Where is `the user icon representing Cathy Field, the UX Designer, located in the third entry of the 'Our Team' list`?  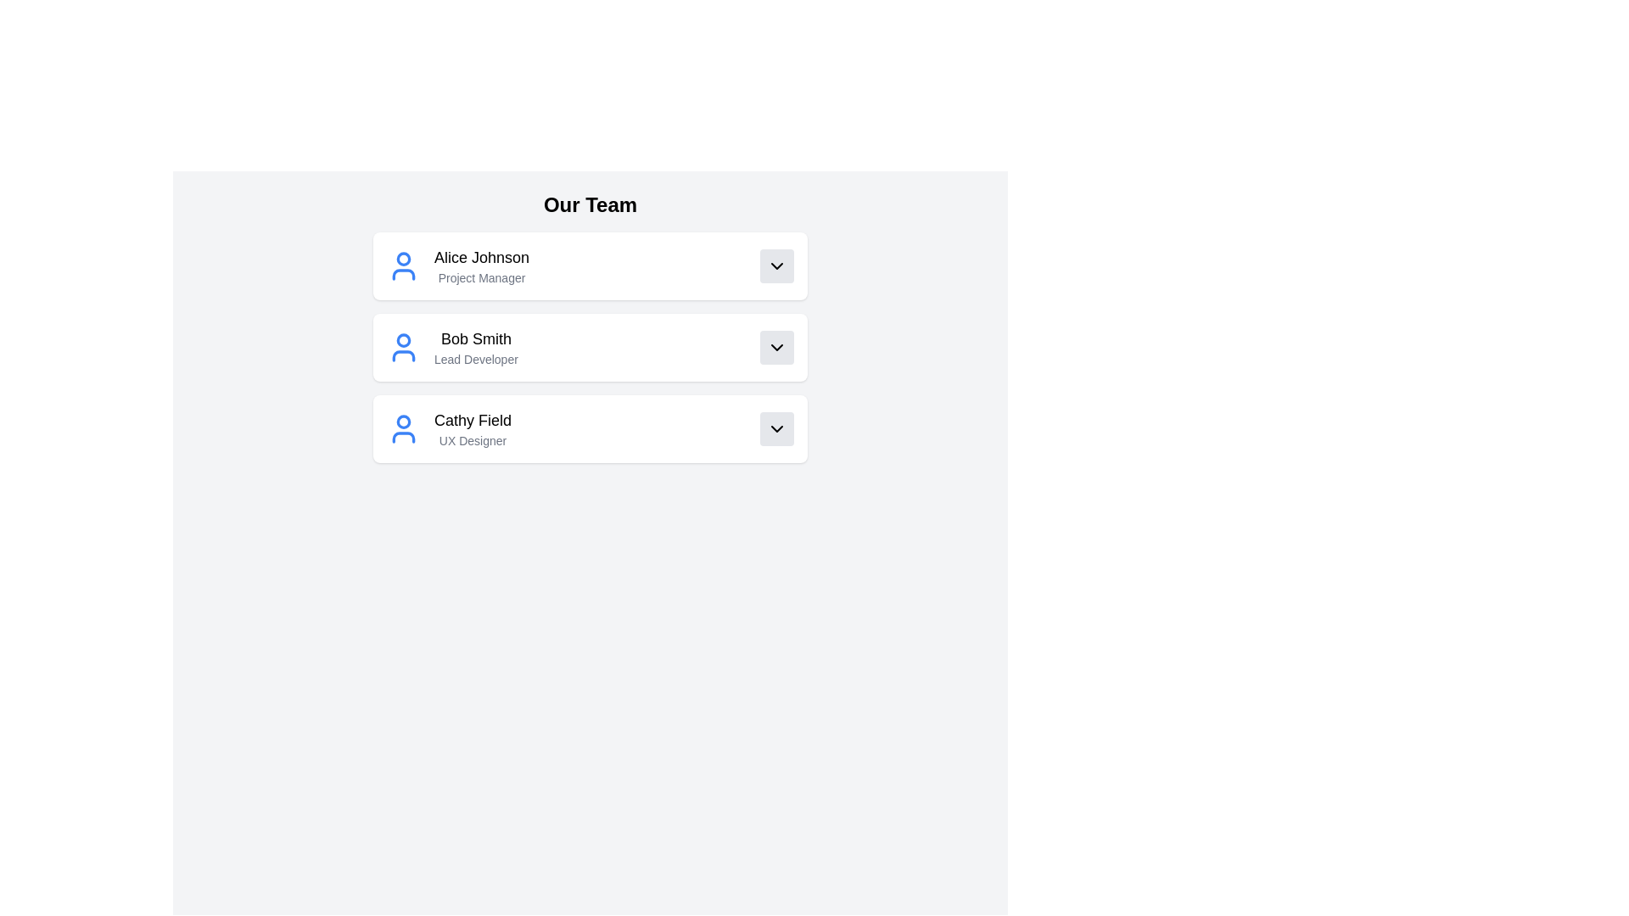 the user icon representing Cathy Field, the UX Designer, located in the third entry of the 'Our Team' list is located at coordinates (402, 427).